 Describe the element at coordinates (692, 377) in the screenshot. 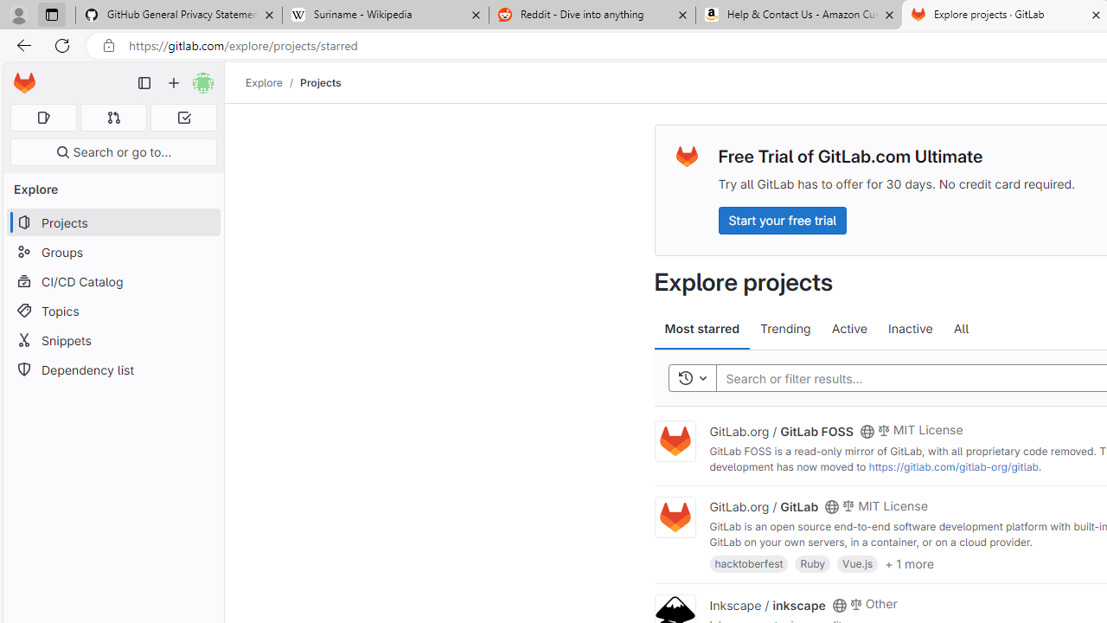

I see `'Toggle history'` at that location.